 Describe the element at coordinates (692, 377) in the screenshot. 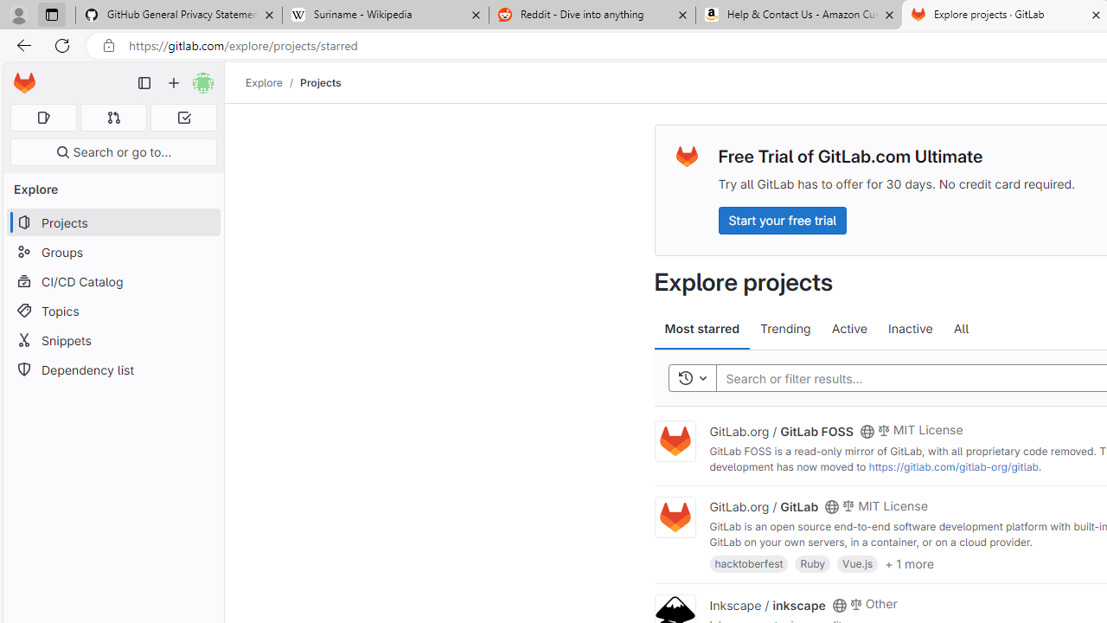

I see `'Toggle history'` at that location.